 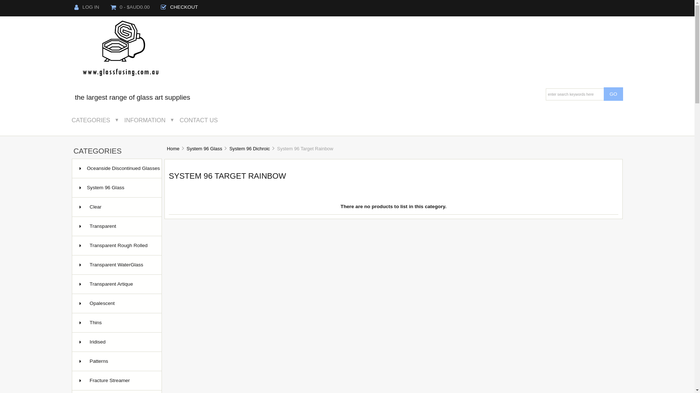 I want to click on 'Home', so click(x=173, y=148).